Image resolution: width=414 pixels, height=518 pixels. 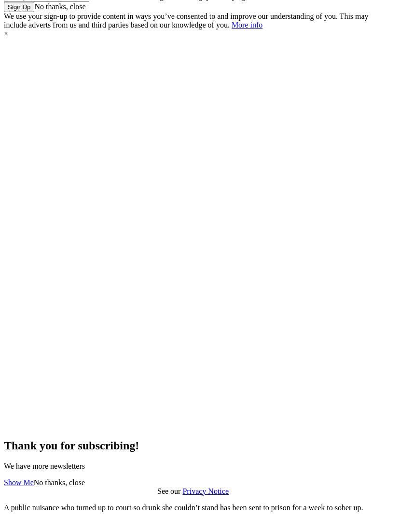 I want to click on 'We have more newsletters', so click(x=44, y=465).